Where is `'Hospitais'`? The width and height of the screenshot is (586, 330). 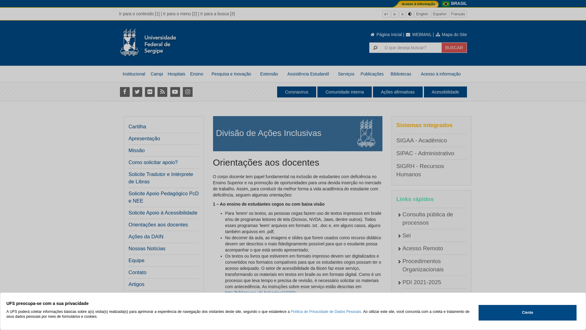 'Hospitais' is located at coordinates (176, 74).